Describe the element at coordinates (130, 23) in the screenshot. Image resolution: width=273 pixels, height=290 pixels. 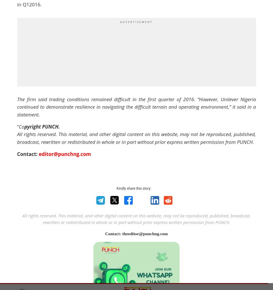
I see `'Join Now'` at that location.